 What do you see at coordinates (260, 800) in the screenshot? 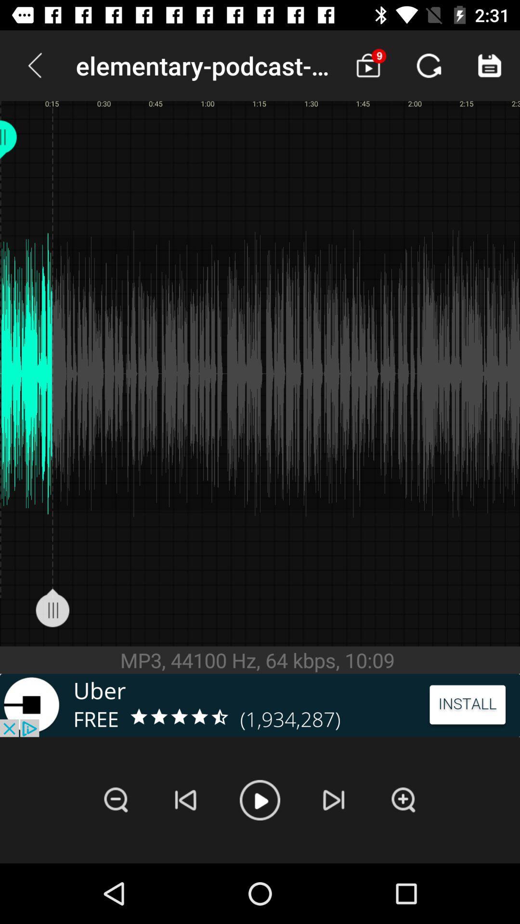
I see `song` at bounding box center [260, 800].